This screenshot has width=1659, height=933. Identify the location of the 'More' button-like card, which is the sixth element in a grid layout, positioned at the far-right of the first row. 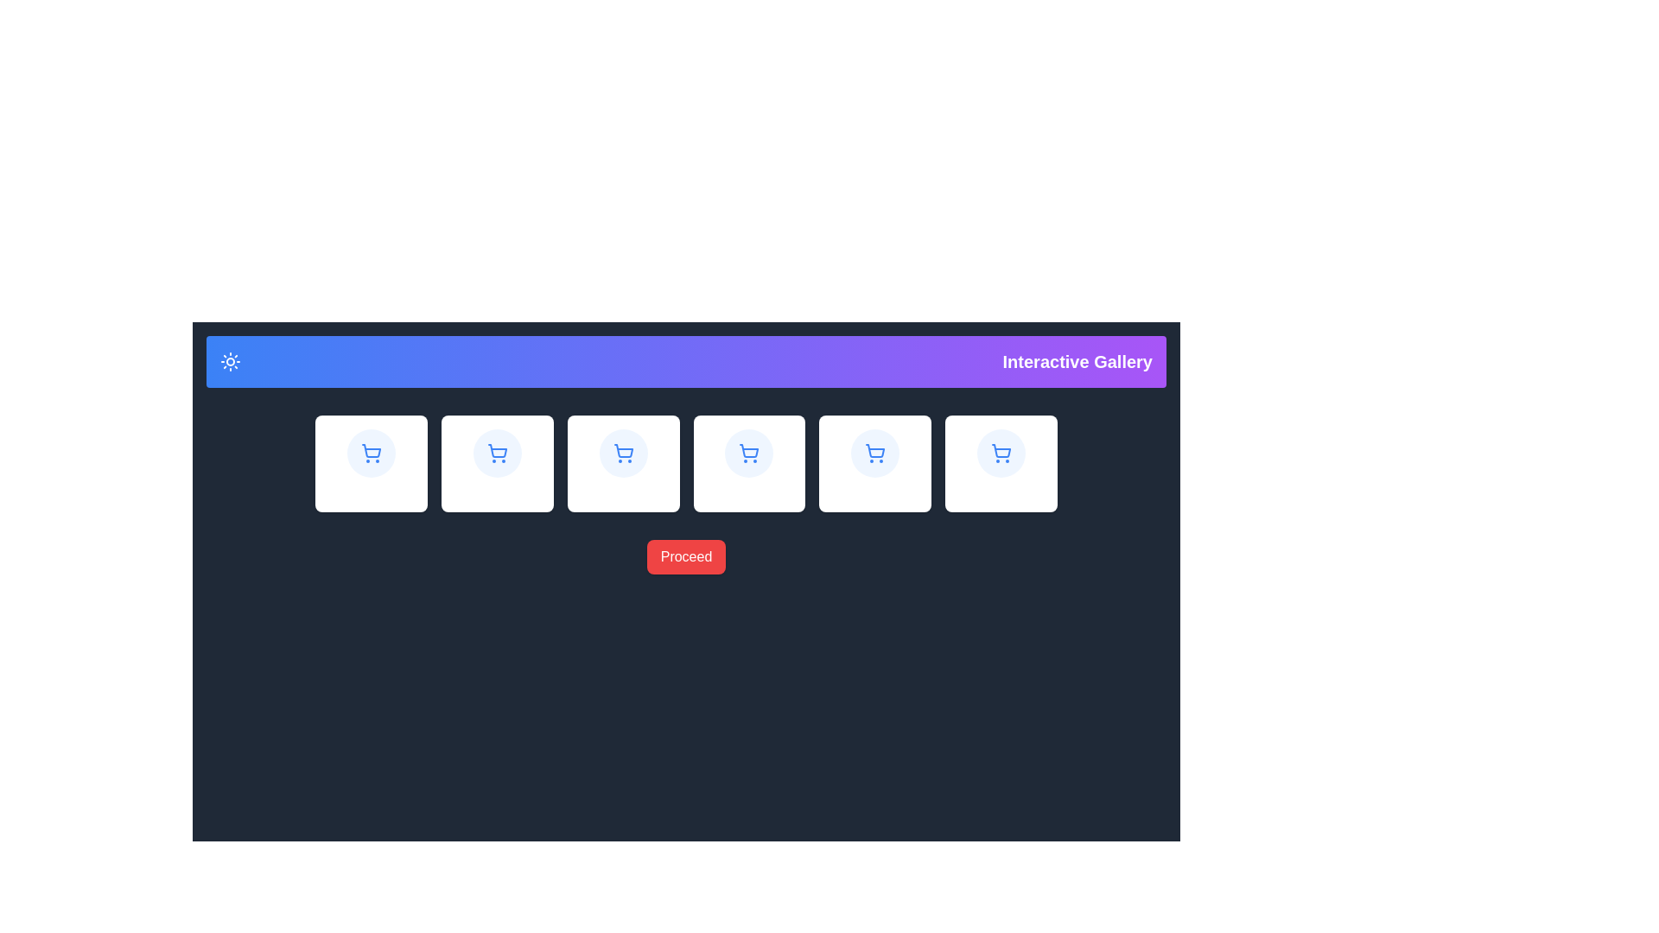
(1001, 462).